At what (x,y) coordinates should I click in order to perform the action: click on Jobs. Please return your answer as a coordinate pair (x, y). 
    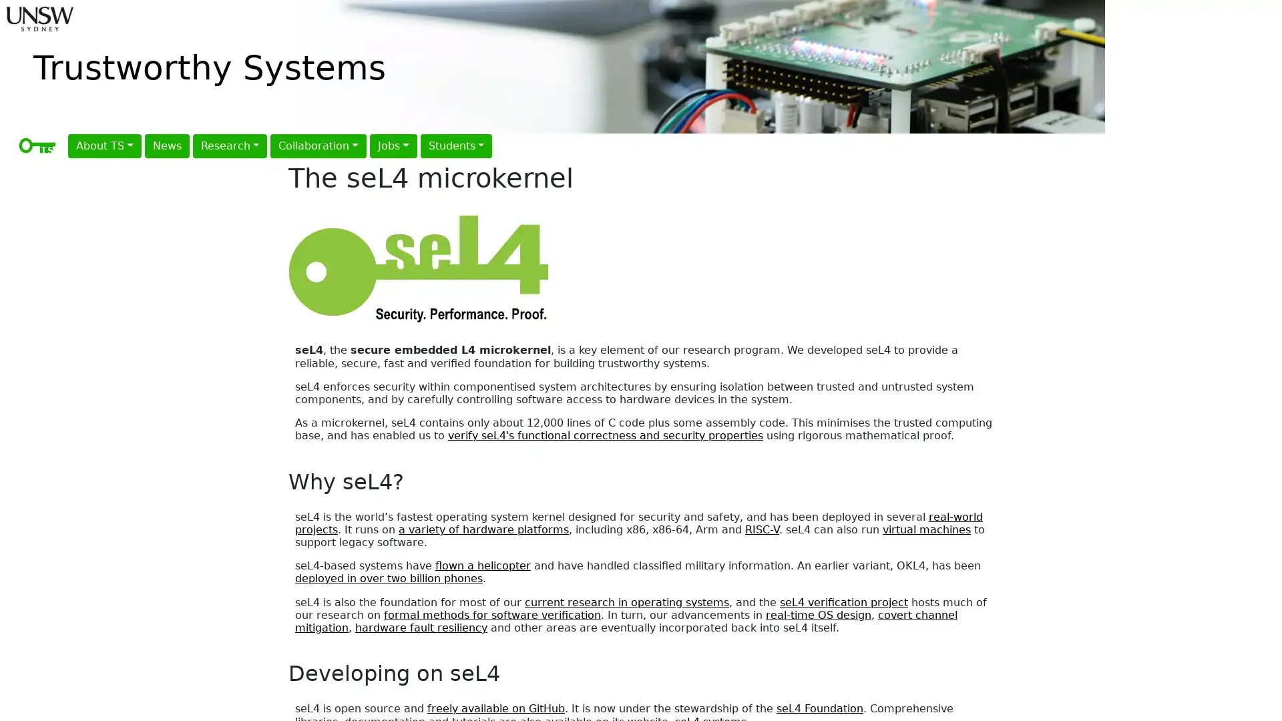
    Looking at the image, I should click on (393, 146).